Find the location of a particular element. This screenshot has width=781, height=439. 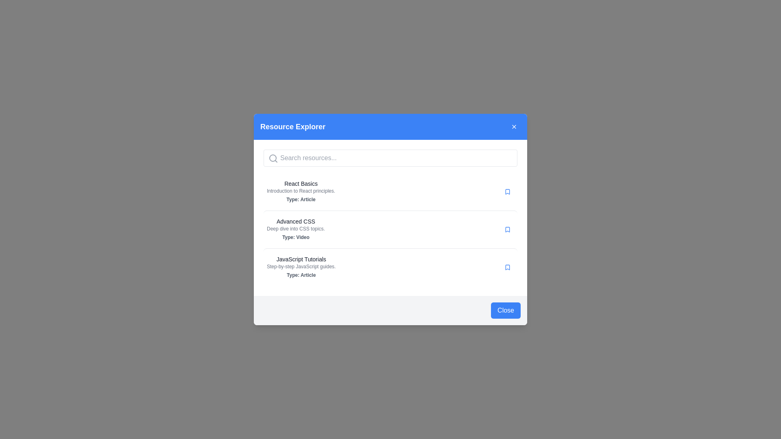

the text label reading 'Type: Article', which is styled with a subdued gray color and bold font, located beneath the main title 'React Basics' and subtitle 'Introduction to React principles.' is located at coordinates (300, 199).